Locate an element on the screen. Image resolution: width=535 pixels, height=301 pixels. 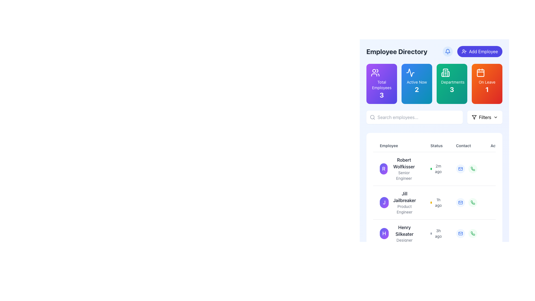
the circular button in the 'Contact' column next to employee 'Robert Wolfkisser' to initiate an email is located at coordinates (460, 168).